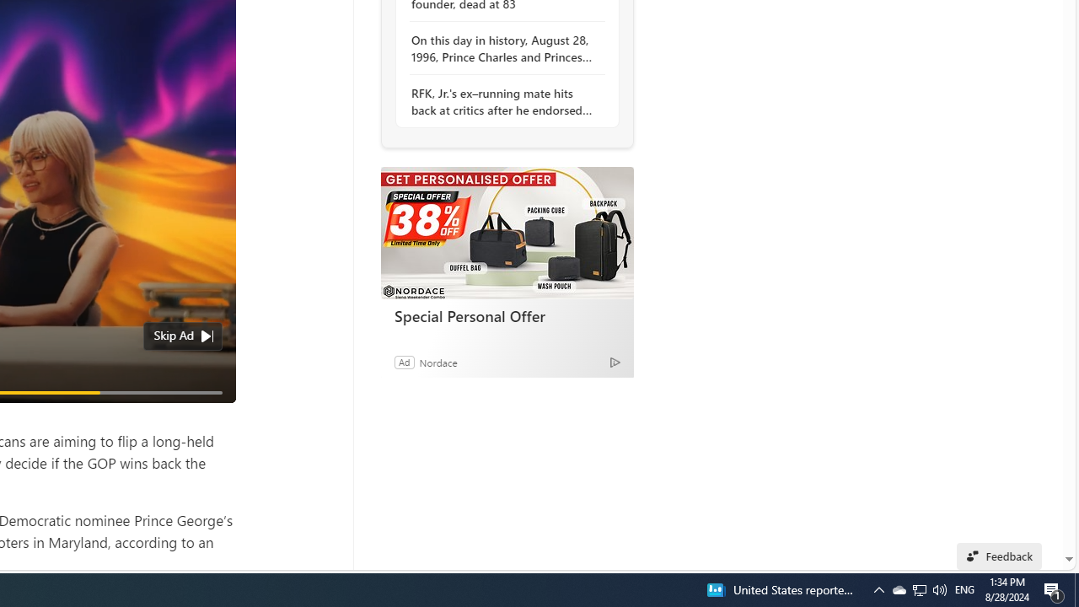 The height and width of the screenshot is (607, 1079). What do you see at coordinates (174, 336) in the screenshot?
I see `'Skip Ad'` at bounding box center [174, 336].